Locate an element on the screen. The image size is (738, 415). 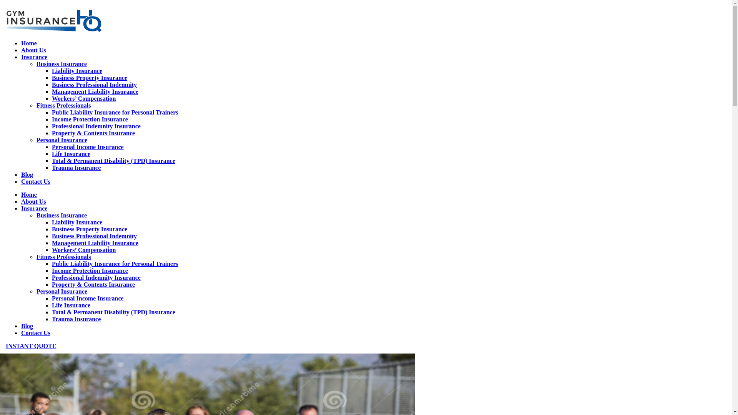
'Home' is located at coordinates (29, 43).